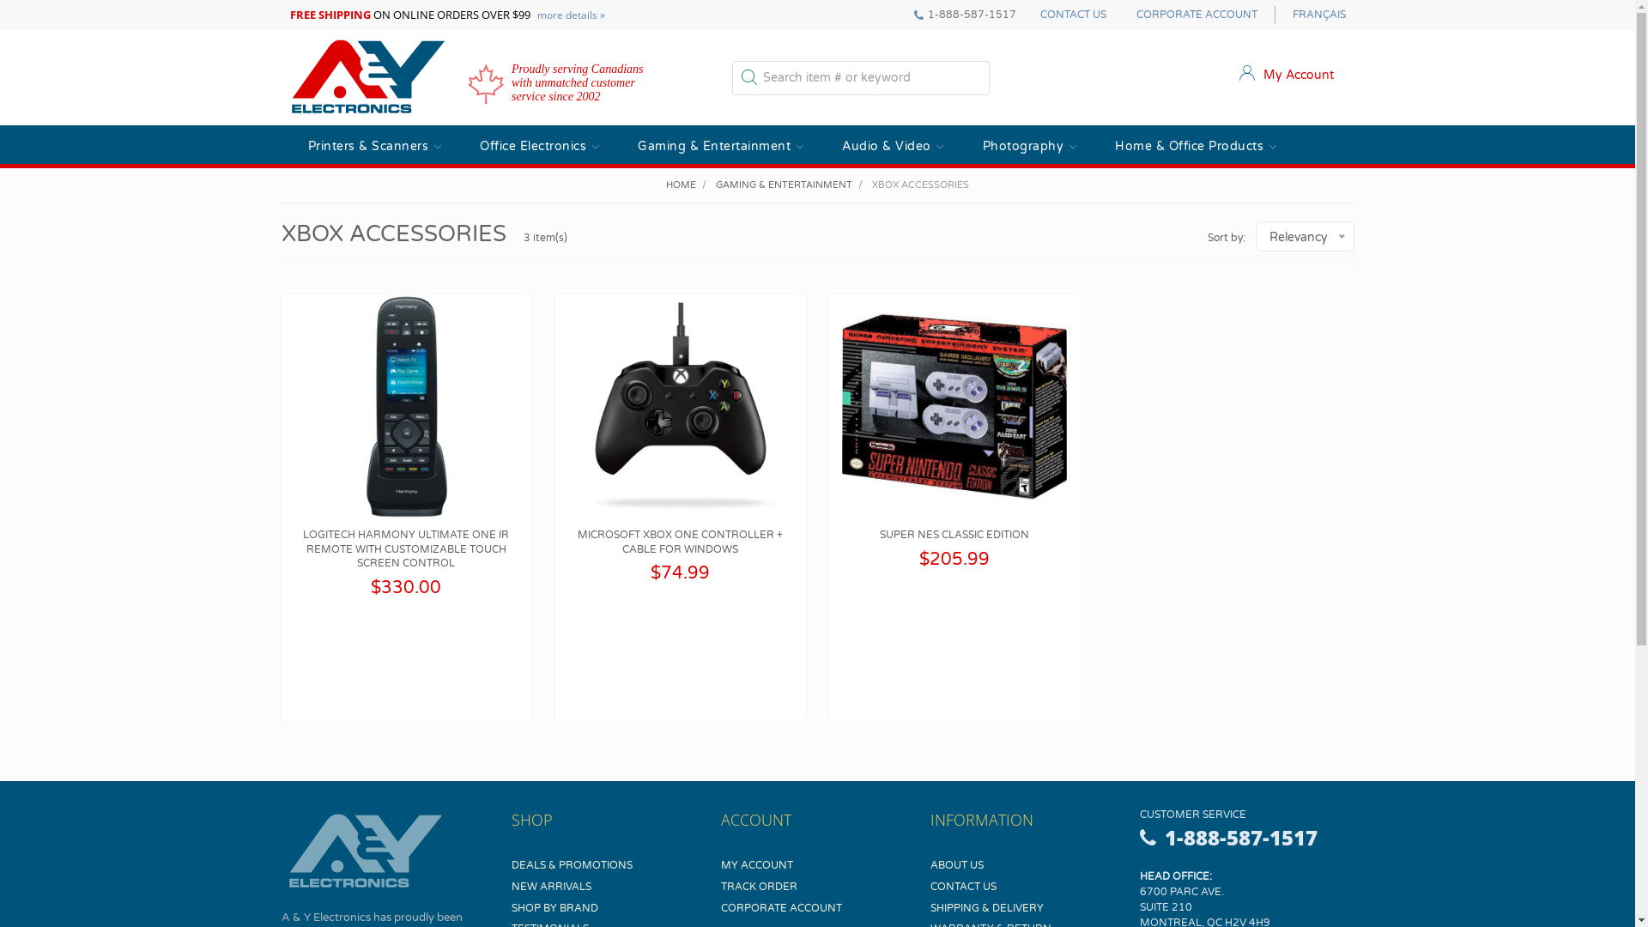 This screenshot has width=1648, height=927. Describe the element at coordinates (886, 145) in the screenshot. I see `'Audio & Video'` at that location.